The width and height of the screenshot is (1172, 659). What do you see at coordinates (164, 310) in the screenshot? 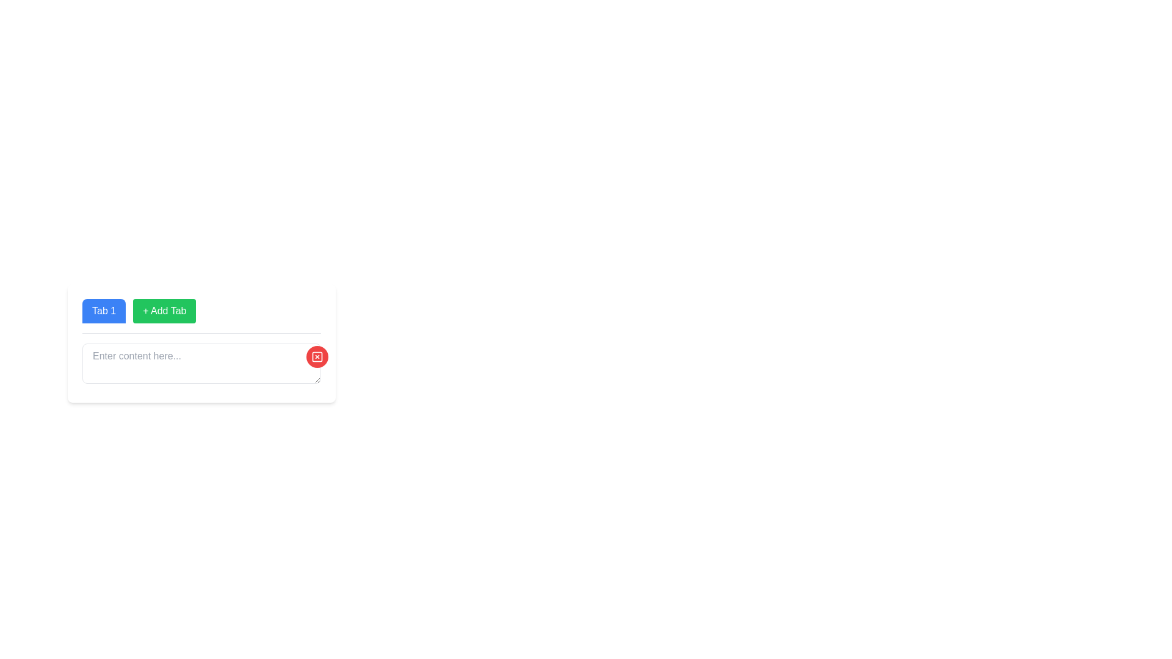
I see `the 'Add New Tab' button positioned to the right of the 'Tab 1' button` at bounding box center [164, 310].